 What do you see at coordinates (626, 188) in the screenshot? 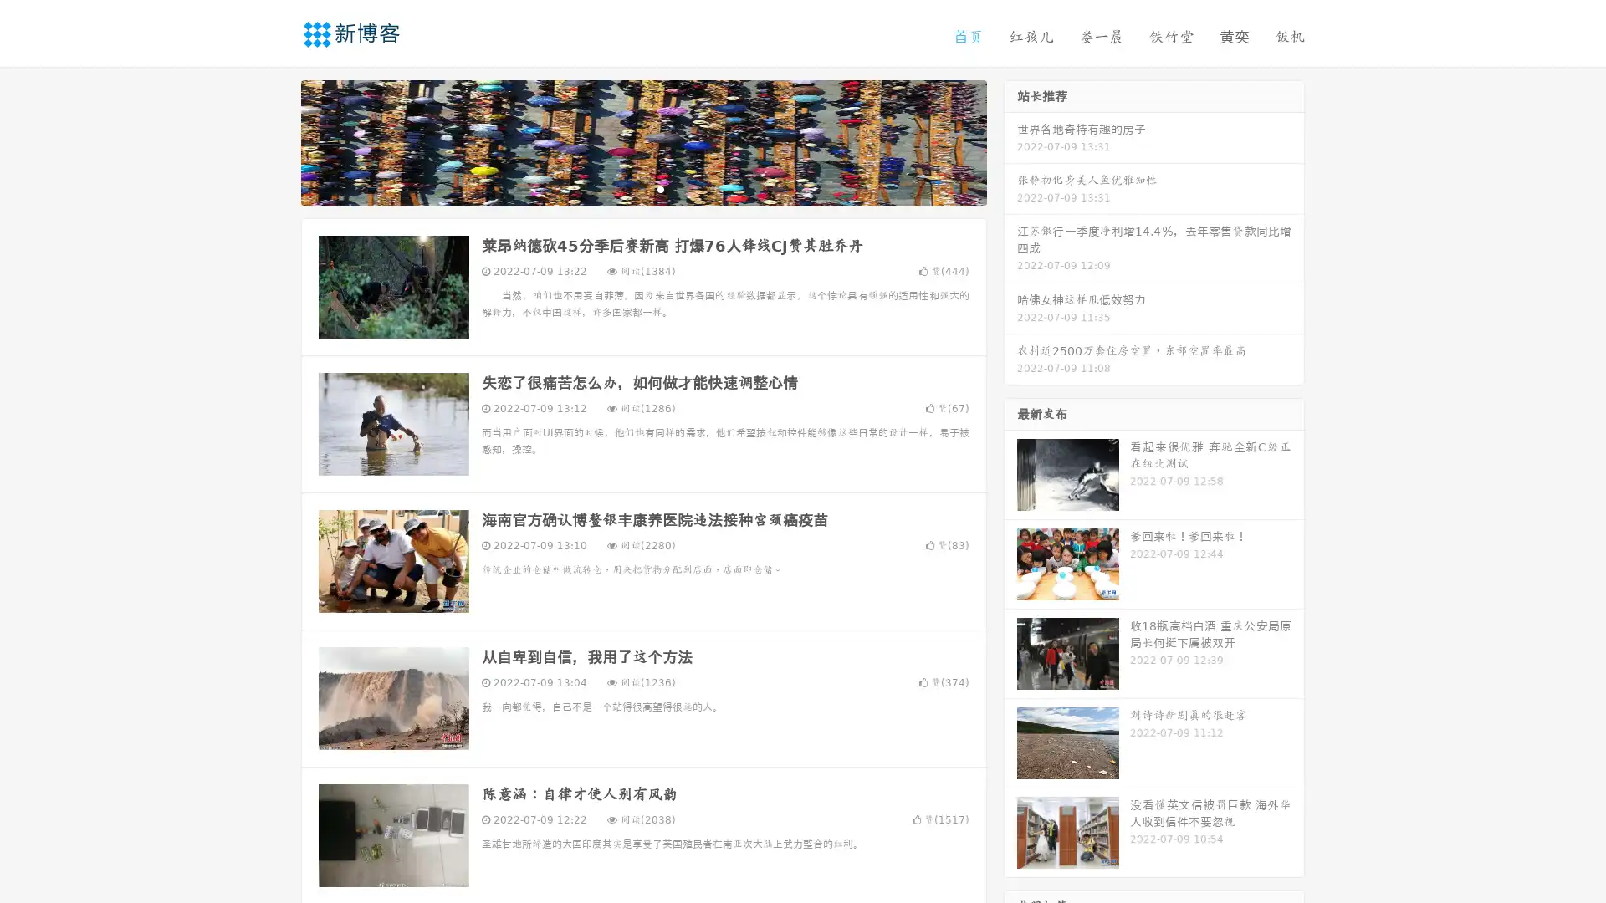
I see `Go to slide 1` at bounding box center [626, 188].